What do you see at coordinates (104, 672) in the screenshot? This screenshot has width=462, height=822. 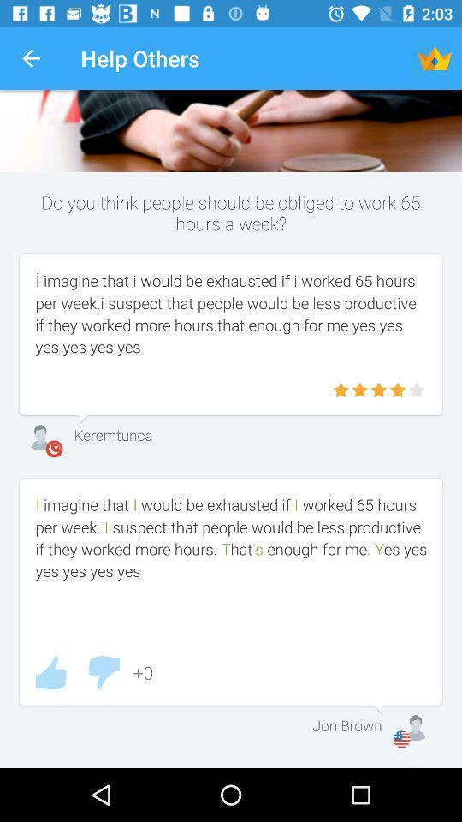 I see `thumbs down` at bounding box center [104, 672].